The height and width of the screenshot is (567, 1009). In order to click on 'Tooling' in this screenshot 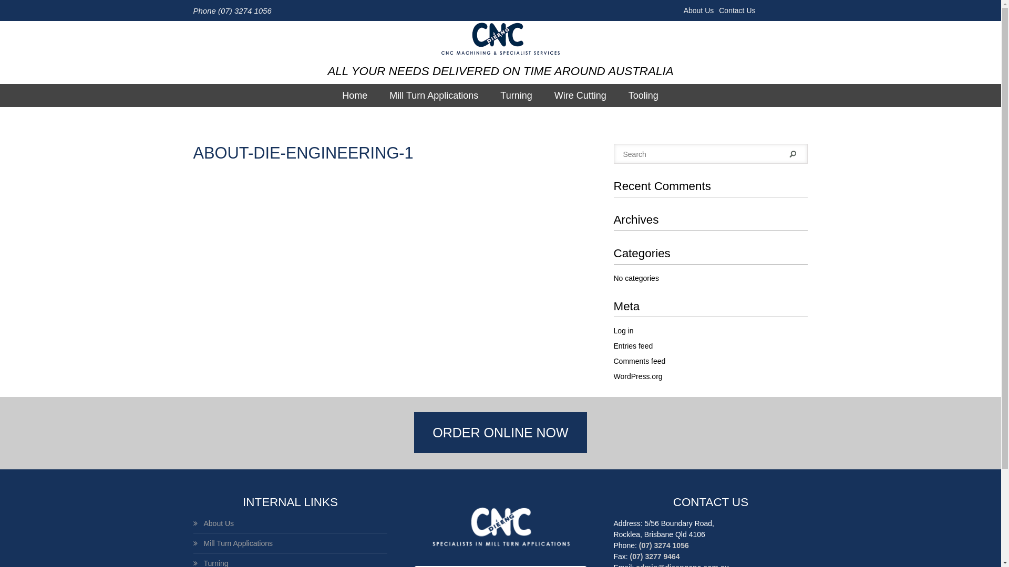, I will do `click(618, 95)`.